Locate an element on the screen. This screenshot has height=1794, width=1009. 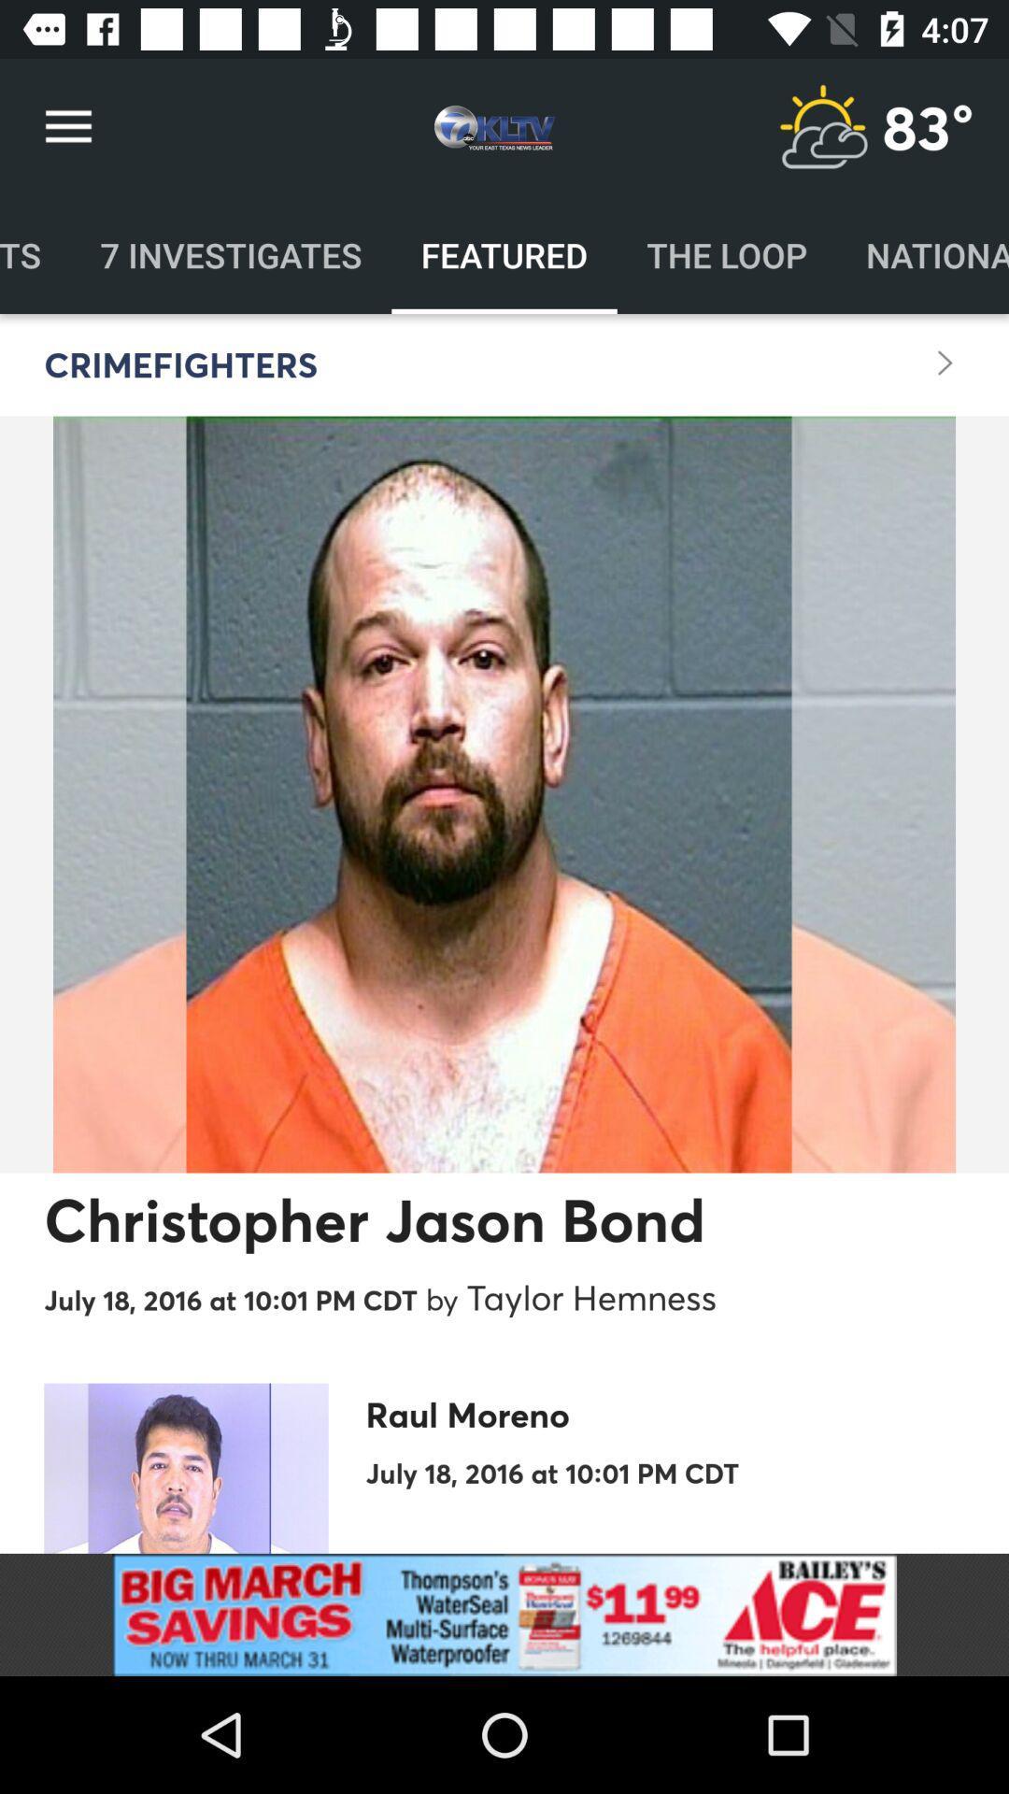
83 degrees is located at coordinates (928, 126).